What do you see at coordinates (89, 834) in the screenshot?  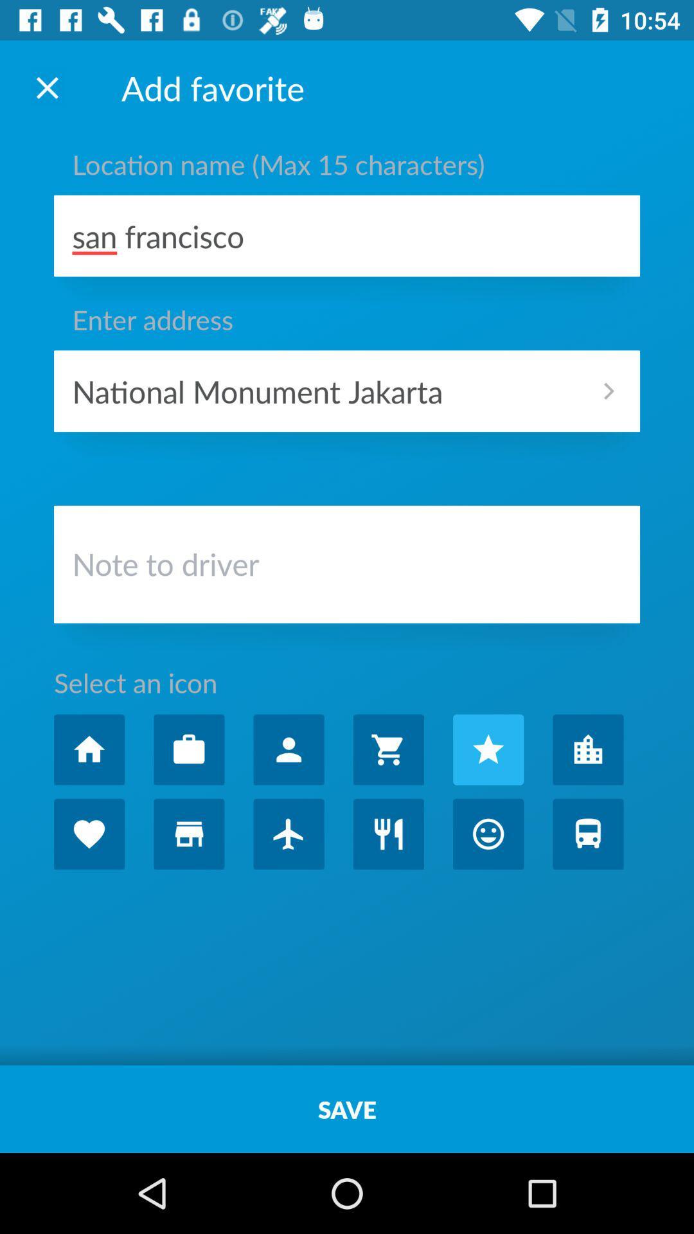 I see `the heart icon` at bounding box center [89, 834].